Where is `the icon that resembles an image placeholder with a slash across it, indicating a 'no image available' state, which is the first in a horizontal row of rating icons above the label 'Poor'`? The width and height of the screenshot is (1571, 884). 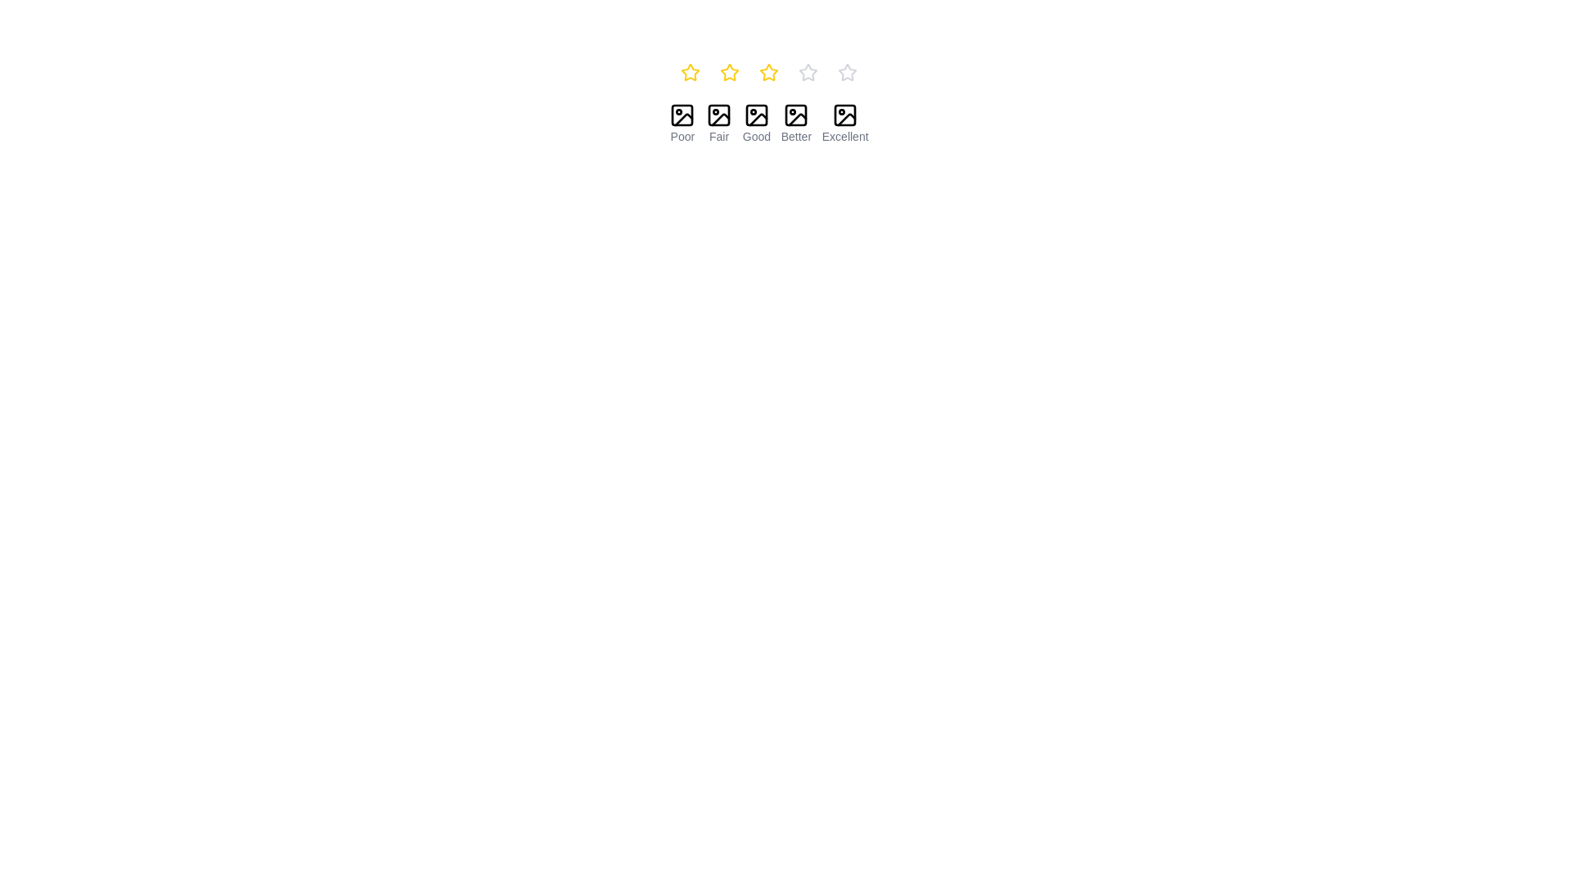
the icon that resembles an image placeholder with a slash across it, indicating a 'no image available' state, which is the first in a horizontal row of rating icons above the label 'Poor' is located at coordinates (682, 115).